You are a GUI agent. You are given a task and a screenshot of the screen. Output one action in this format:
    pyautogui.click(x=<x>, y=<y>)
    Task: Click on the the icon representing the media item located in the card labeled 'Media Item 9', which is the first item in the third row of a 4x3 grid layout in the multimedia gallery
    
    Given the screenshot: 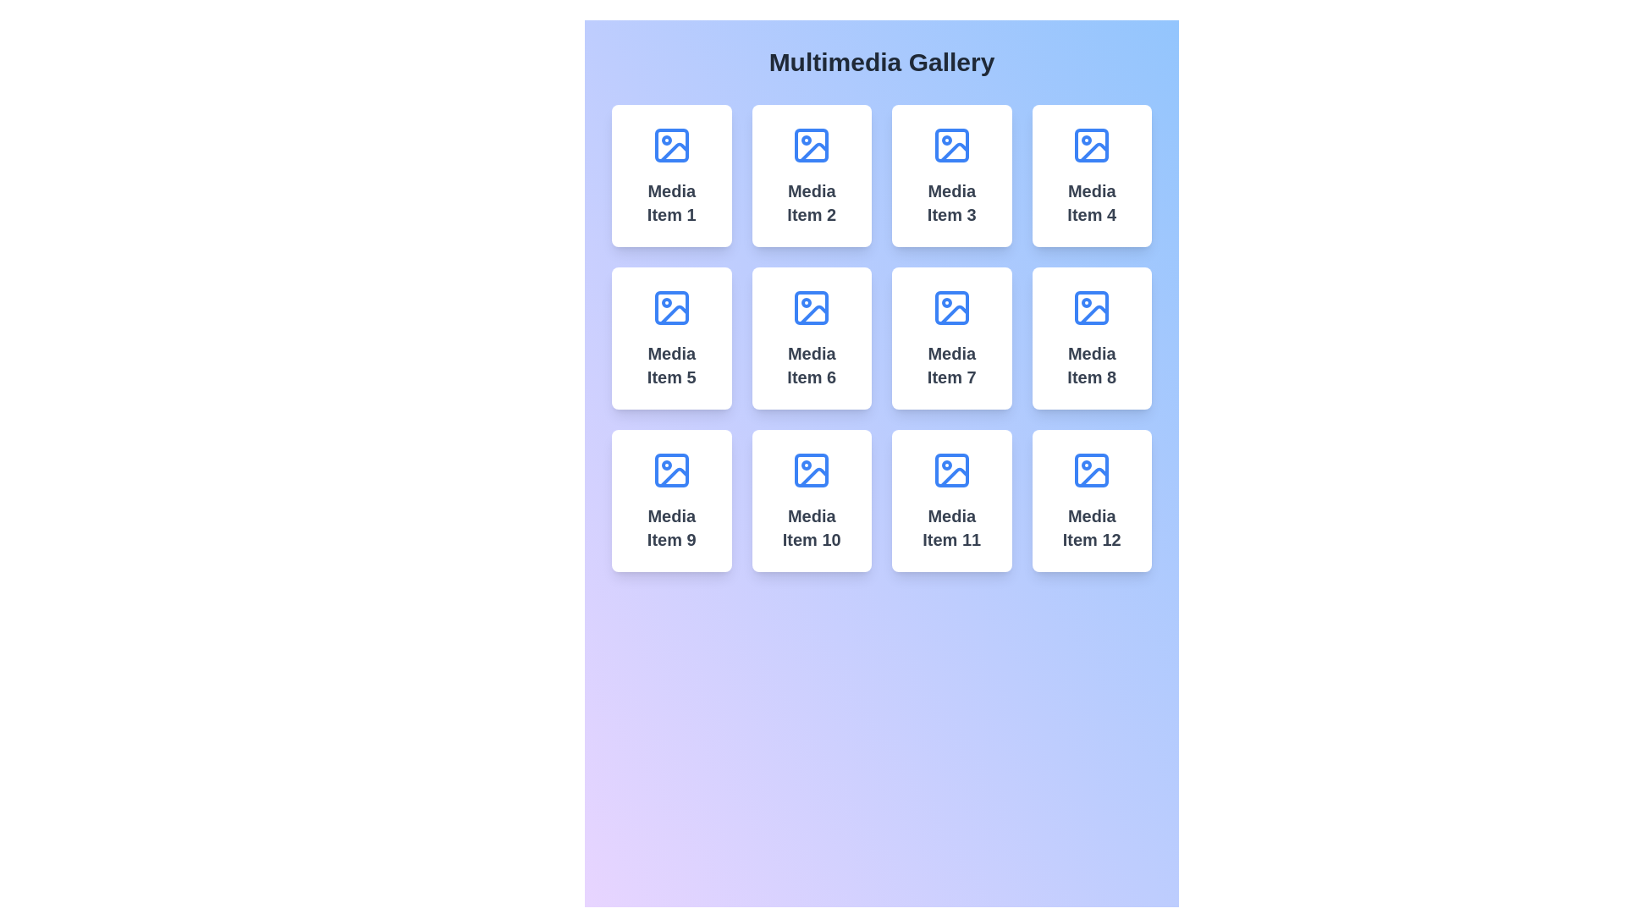 What is the action you would take?
    pyautogui.click(x=670, y=470)
    